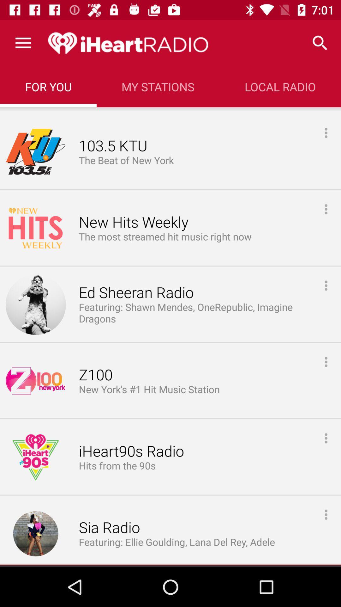 The width and height of the screenshot is (341, 607). What do you see at coordinates (48, 86) in the screenshot?
I see `icon to the left of the my stations` at bounding box center [48, 86].